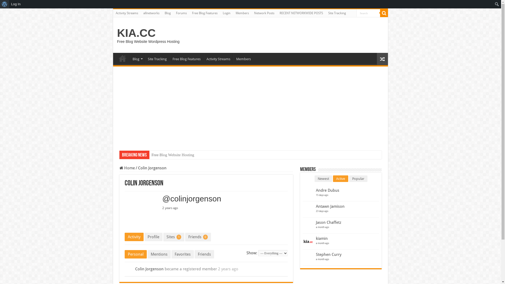  Describe the element at coordinates (327, 190) in the screenshot. I see `'Andre Dubus'` at that location.